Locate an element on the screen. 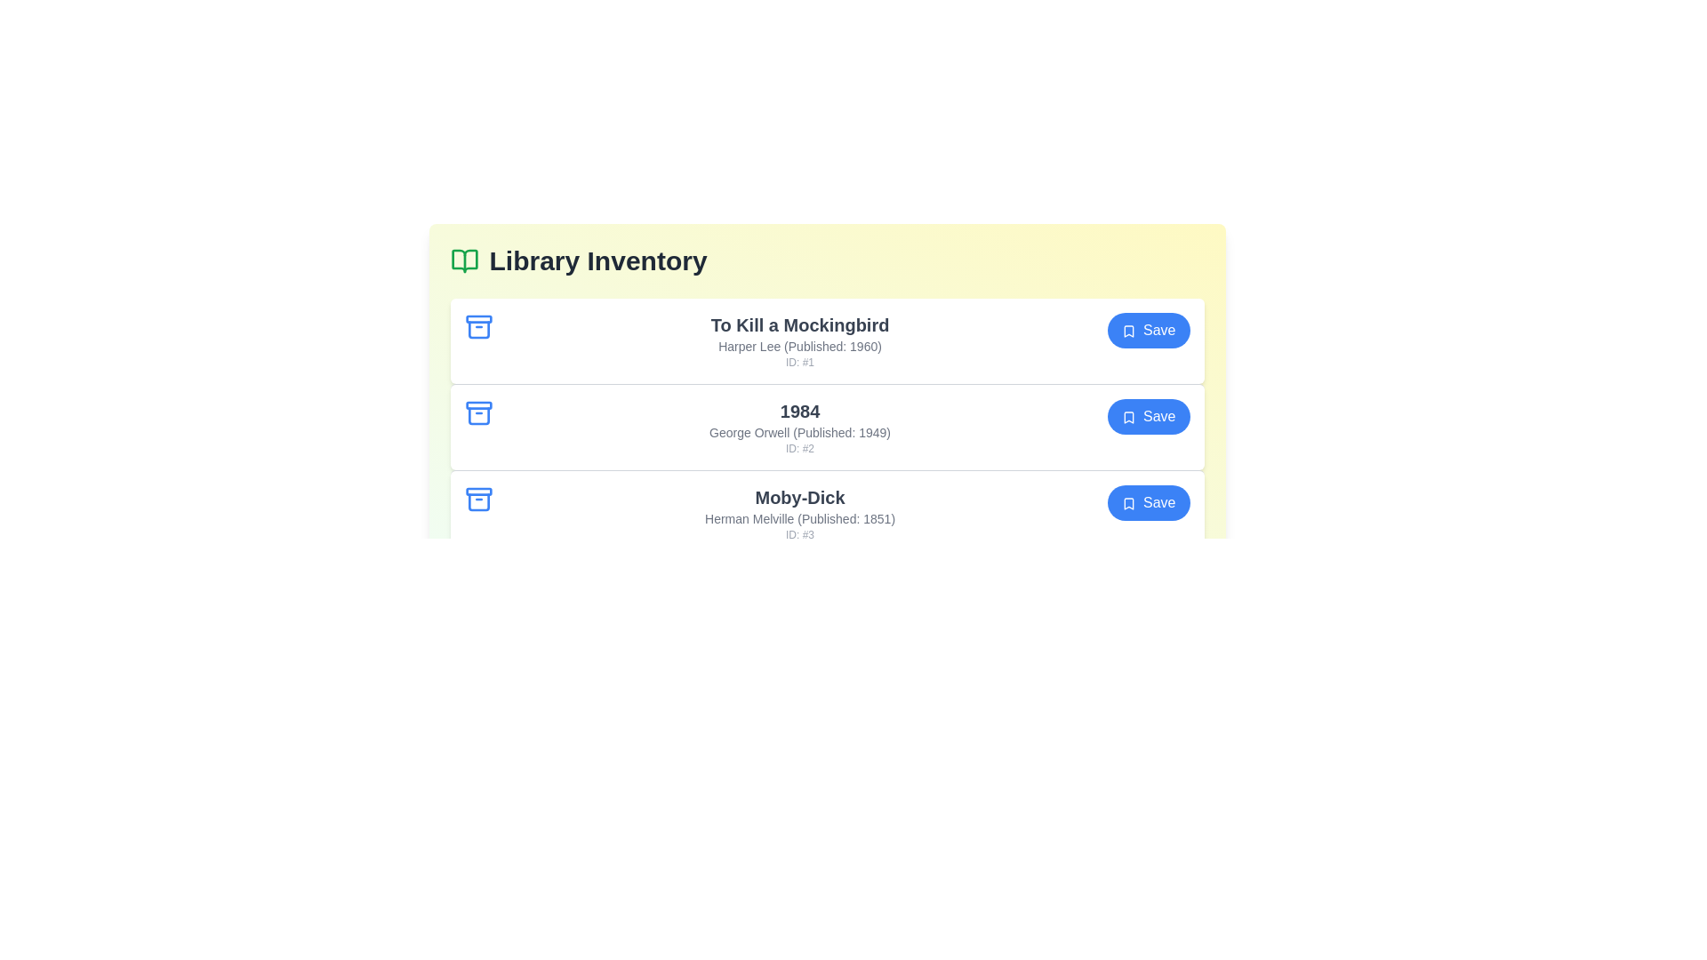 This screenshot has height=960, width=1707. the book title to select it. Specify the title of the book as 1984 is located at coordinates (799, 411).